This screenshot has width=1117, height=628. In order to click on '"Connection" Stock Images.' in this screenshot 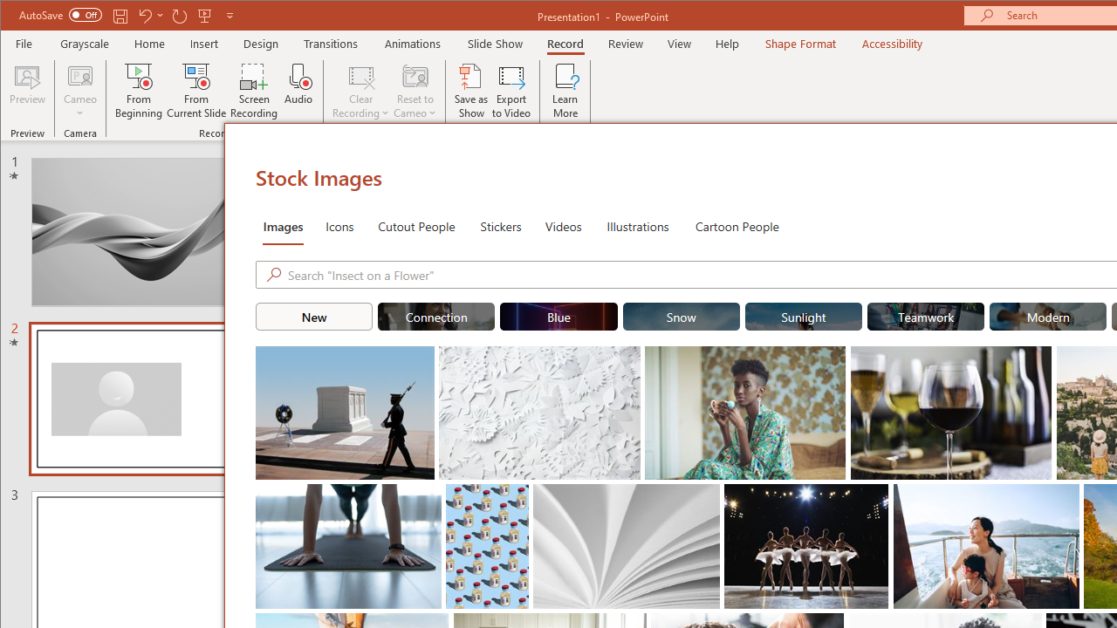, I will do `click(435, 316)`.